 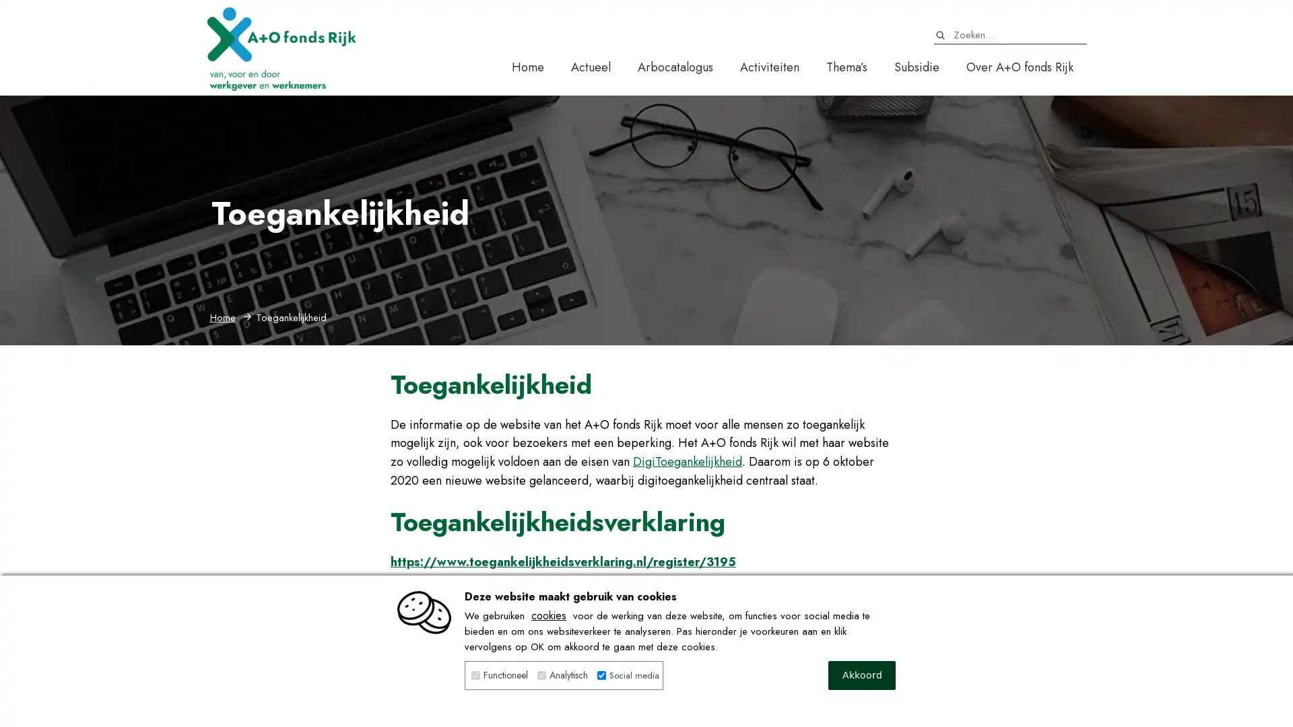 I want to click on Akkoord, so click(x=862, y=675).